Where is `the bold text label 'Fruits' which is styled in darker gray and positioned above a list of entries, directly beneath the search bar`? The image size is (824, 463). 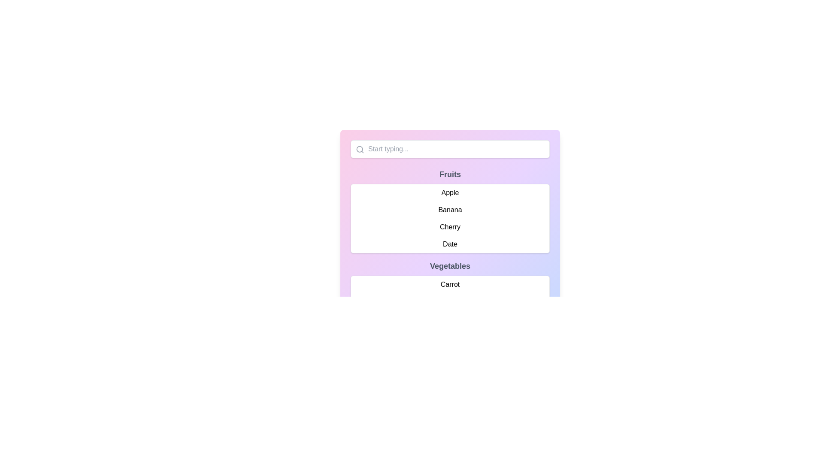 the bold text label 'Fruits' which is styled in darker gray and positioned above a list of entries, directly beneath the search bar is located at coordinates (450, 174).